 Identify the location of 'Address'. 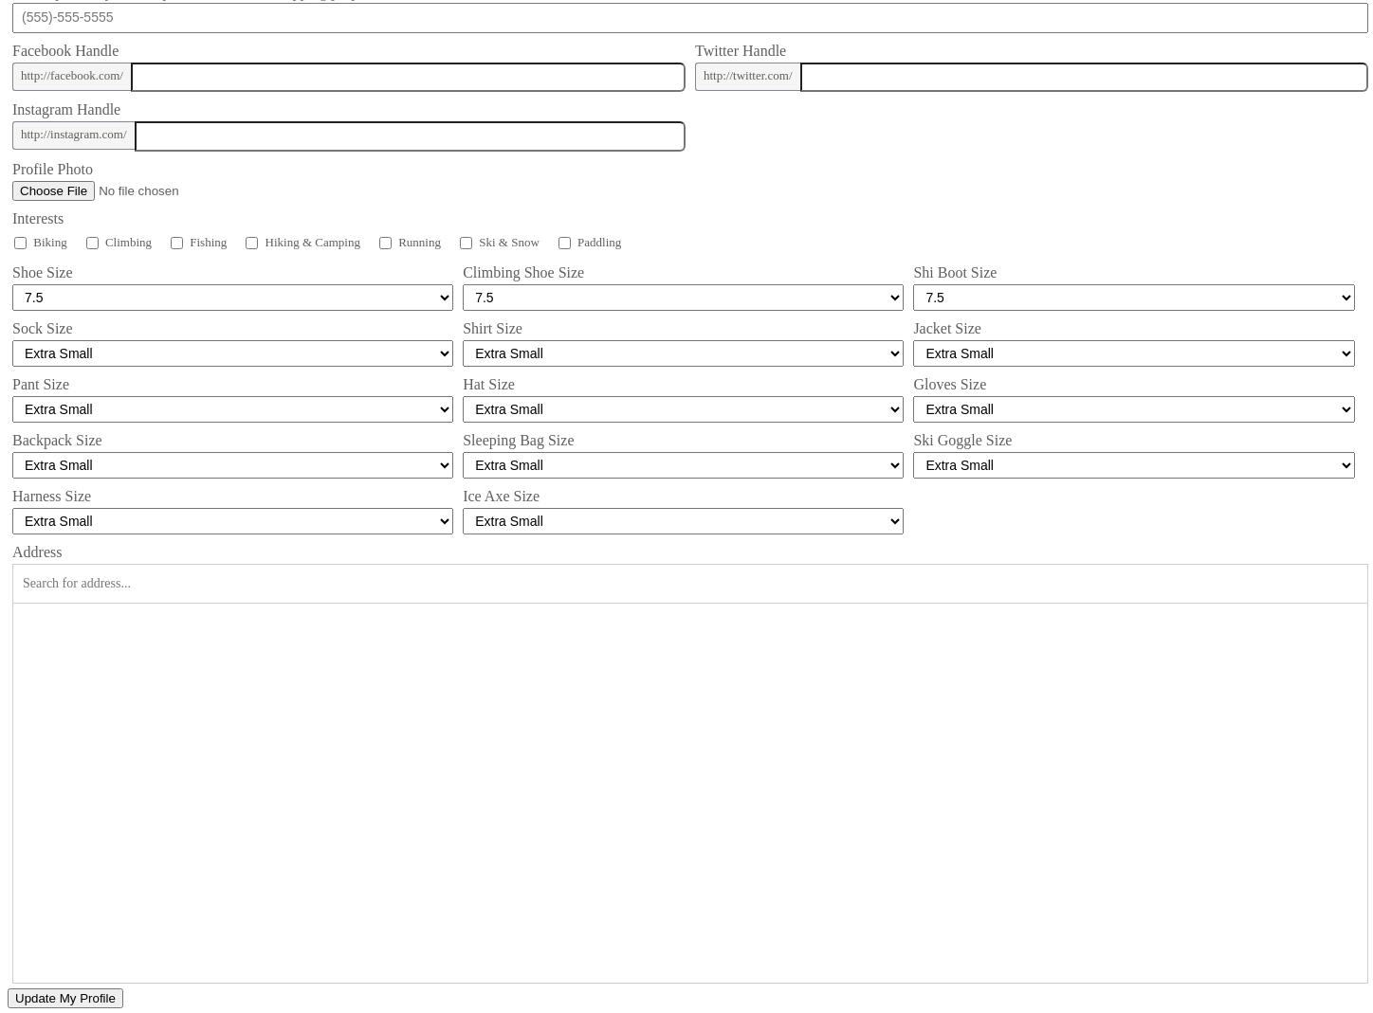
(36, 552).